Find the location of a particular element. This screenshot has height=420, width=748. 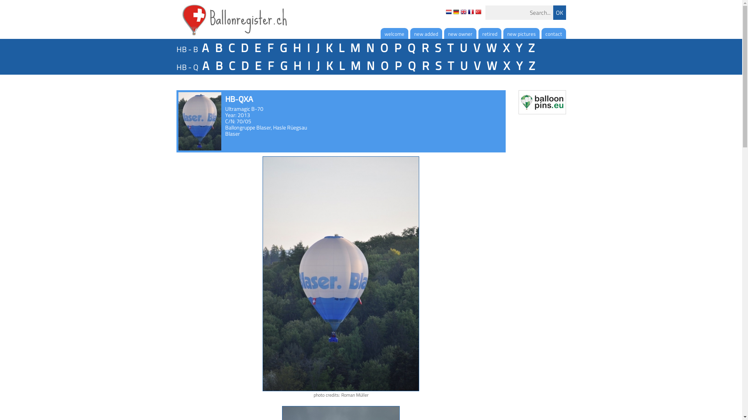

'P' is located at coordinates (398, 48).